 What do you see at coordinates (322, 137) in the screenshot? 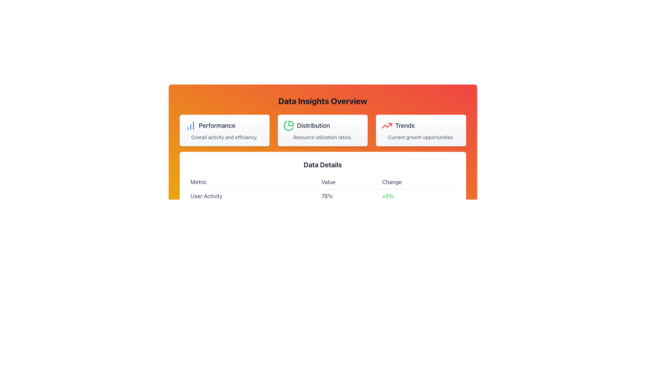
I see `text label displaying 'Resource utilization ratios.' located below the main title 'Distribution' in the card titled 'Distribution.'` at bounding box center [322, 137].